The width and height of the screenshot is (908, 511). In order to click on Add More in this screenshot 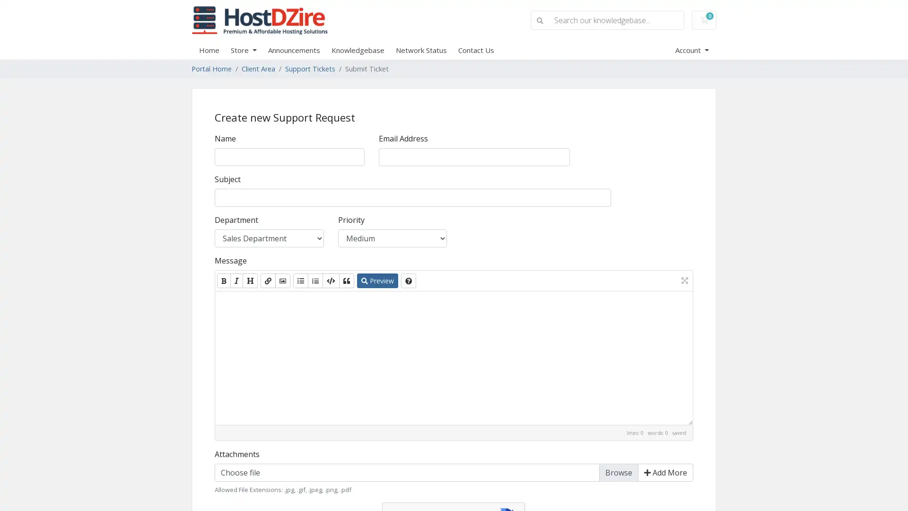, I will do `click(665, 473)`.